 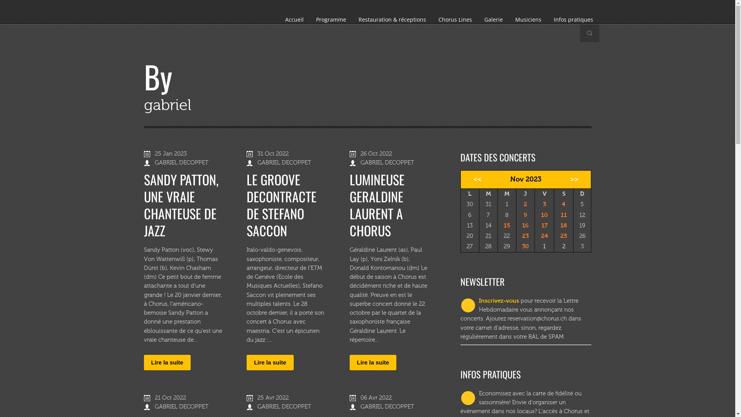 What do you see at coordinates (563, 203) in the screenshot?
I see `'4'` at bounding box center [563, 203].